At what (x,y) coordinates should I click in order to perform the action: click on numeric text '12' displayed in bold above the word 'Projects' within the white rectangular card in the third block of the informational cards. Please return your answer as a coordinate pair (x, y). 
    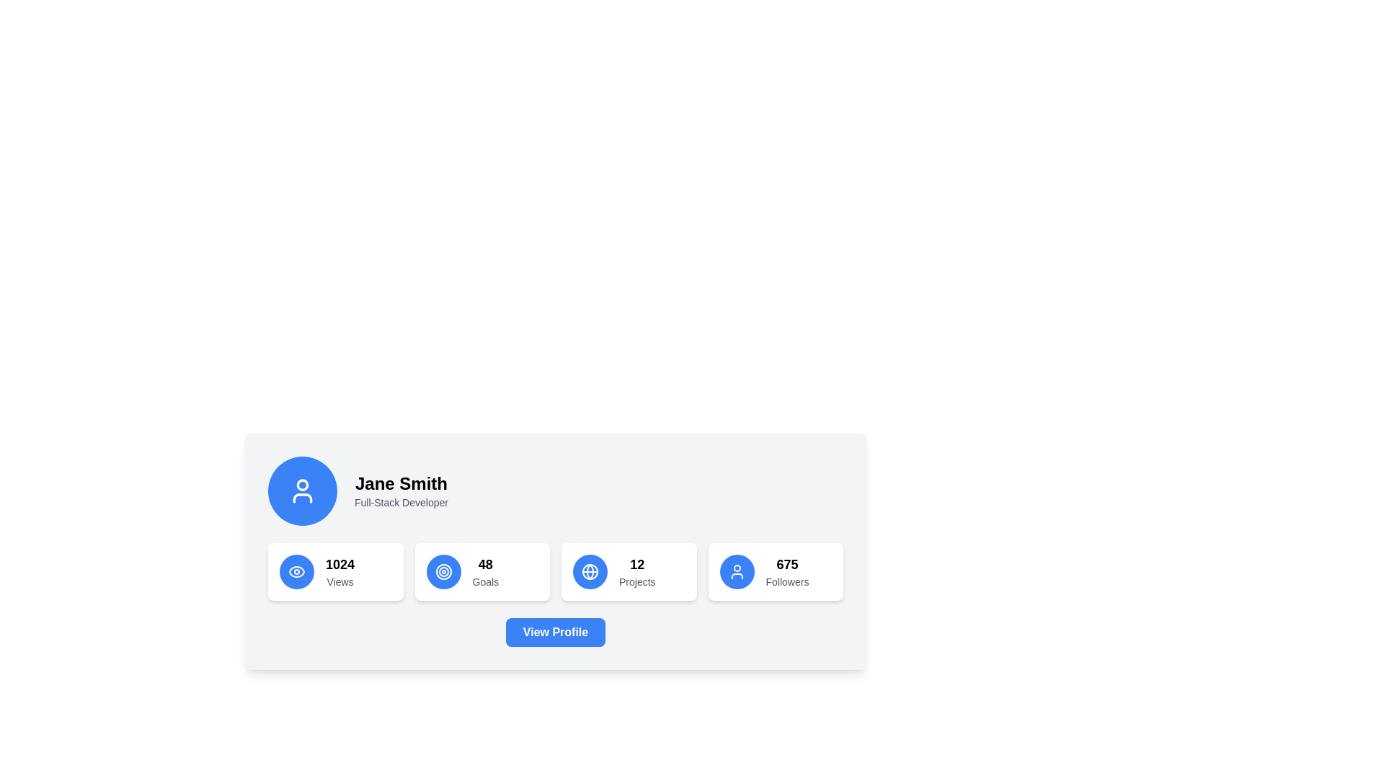
    Looking at the image, I should click on (636, 571).